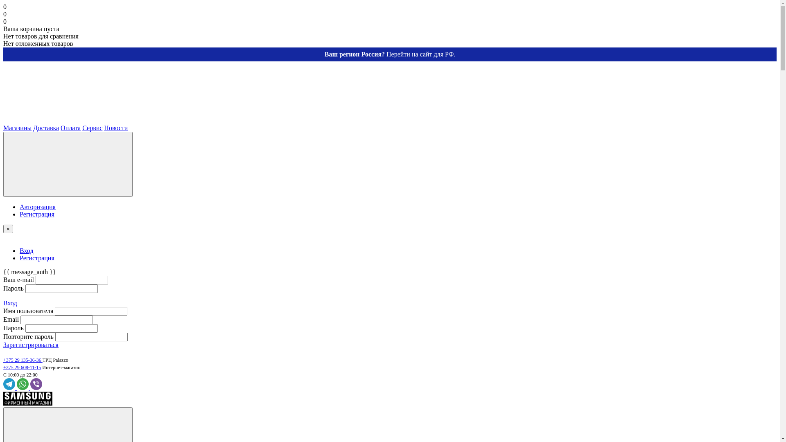 The height and width of the screenshot is (442, 786). I want to click on '+375 29 608-11-15', so click(3, 367).